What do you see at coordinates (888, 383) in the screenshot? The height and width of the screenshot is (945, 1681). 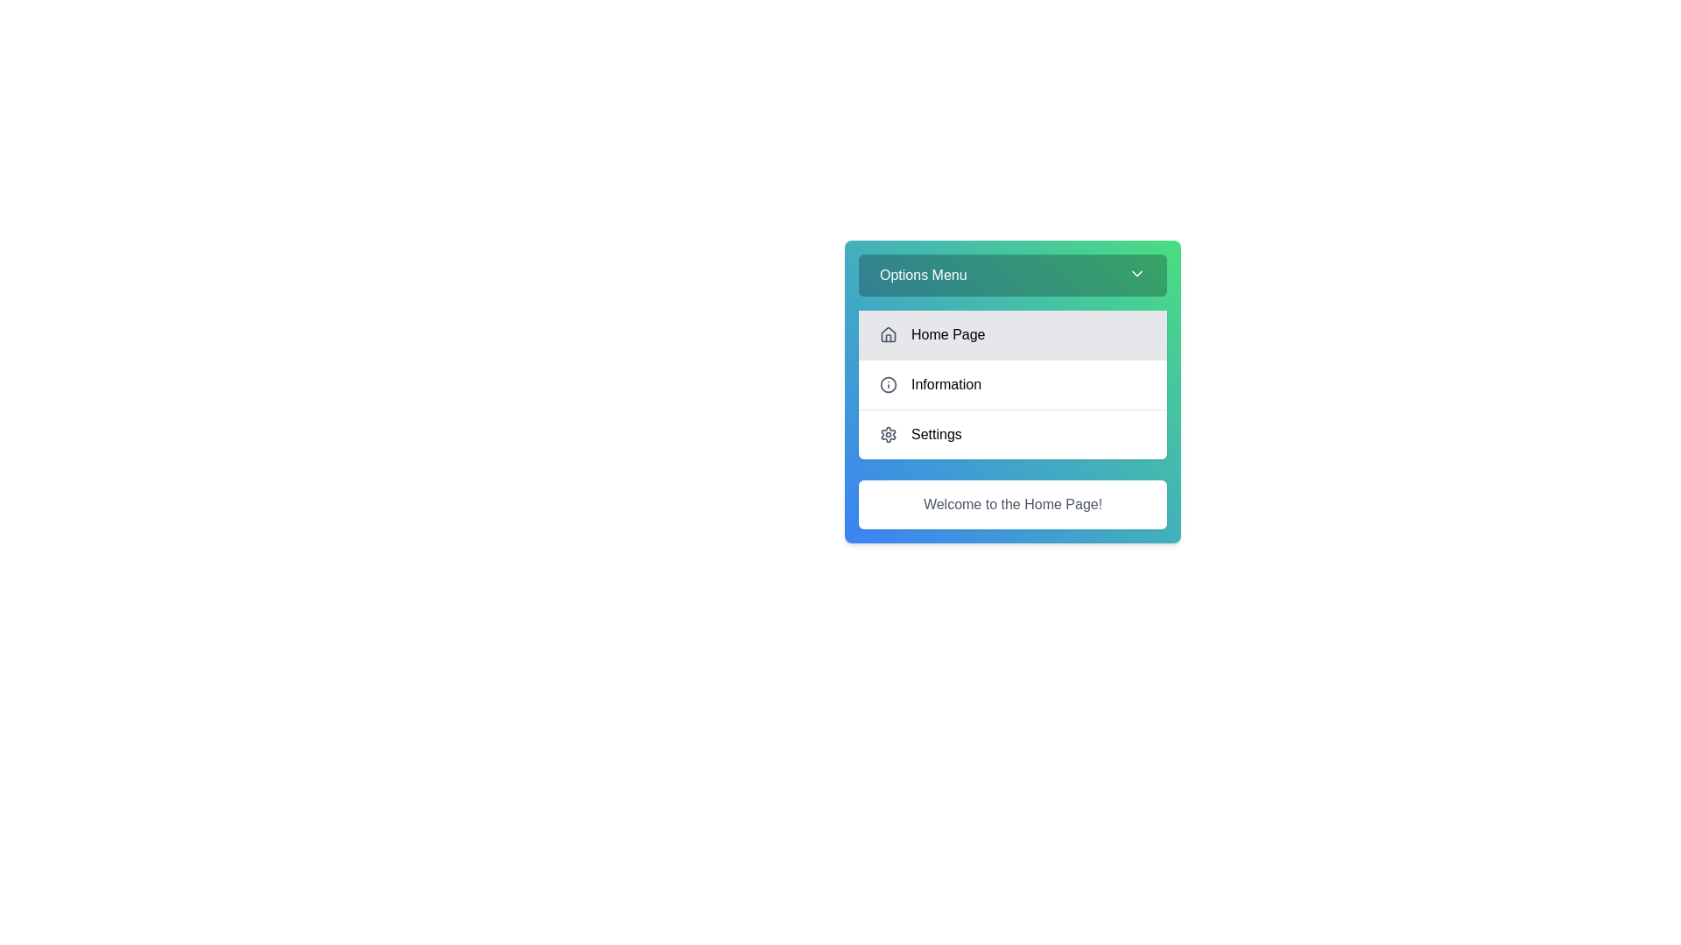 I see `the 'Information' icon located to the left of the 'Information' text in the vertical list of menu options` at bounding box center [888, 383].